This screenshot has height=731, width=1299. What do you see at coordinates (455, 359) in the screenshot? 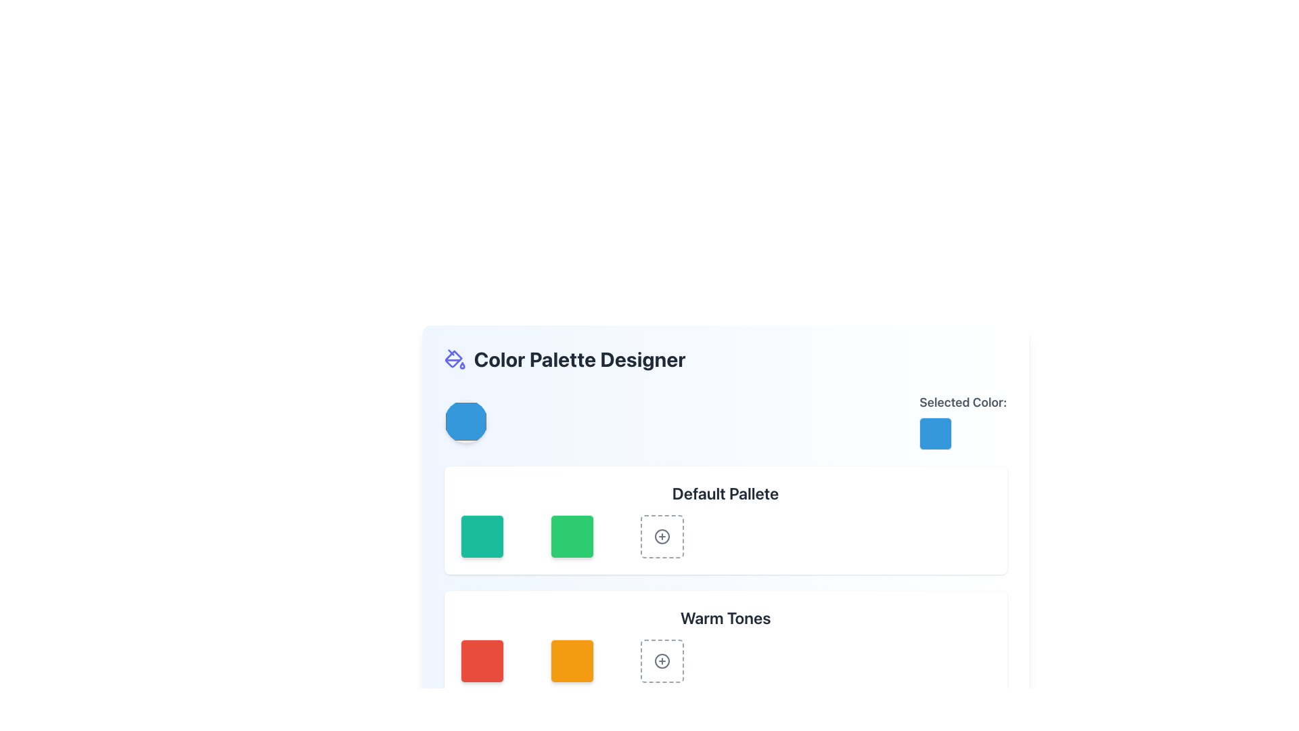
I see `the decorative icon located to the left of the title 'Color Palette Designer' in the header section` at bounding box center [455, 359].